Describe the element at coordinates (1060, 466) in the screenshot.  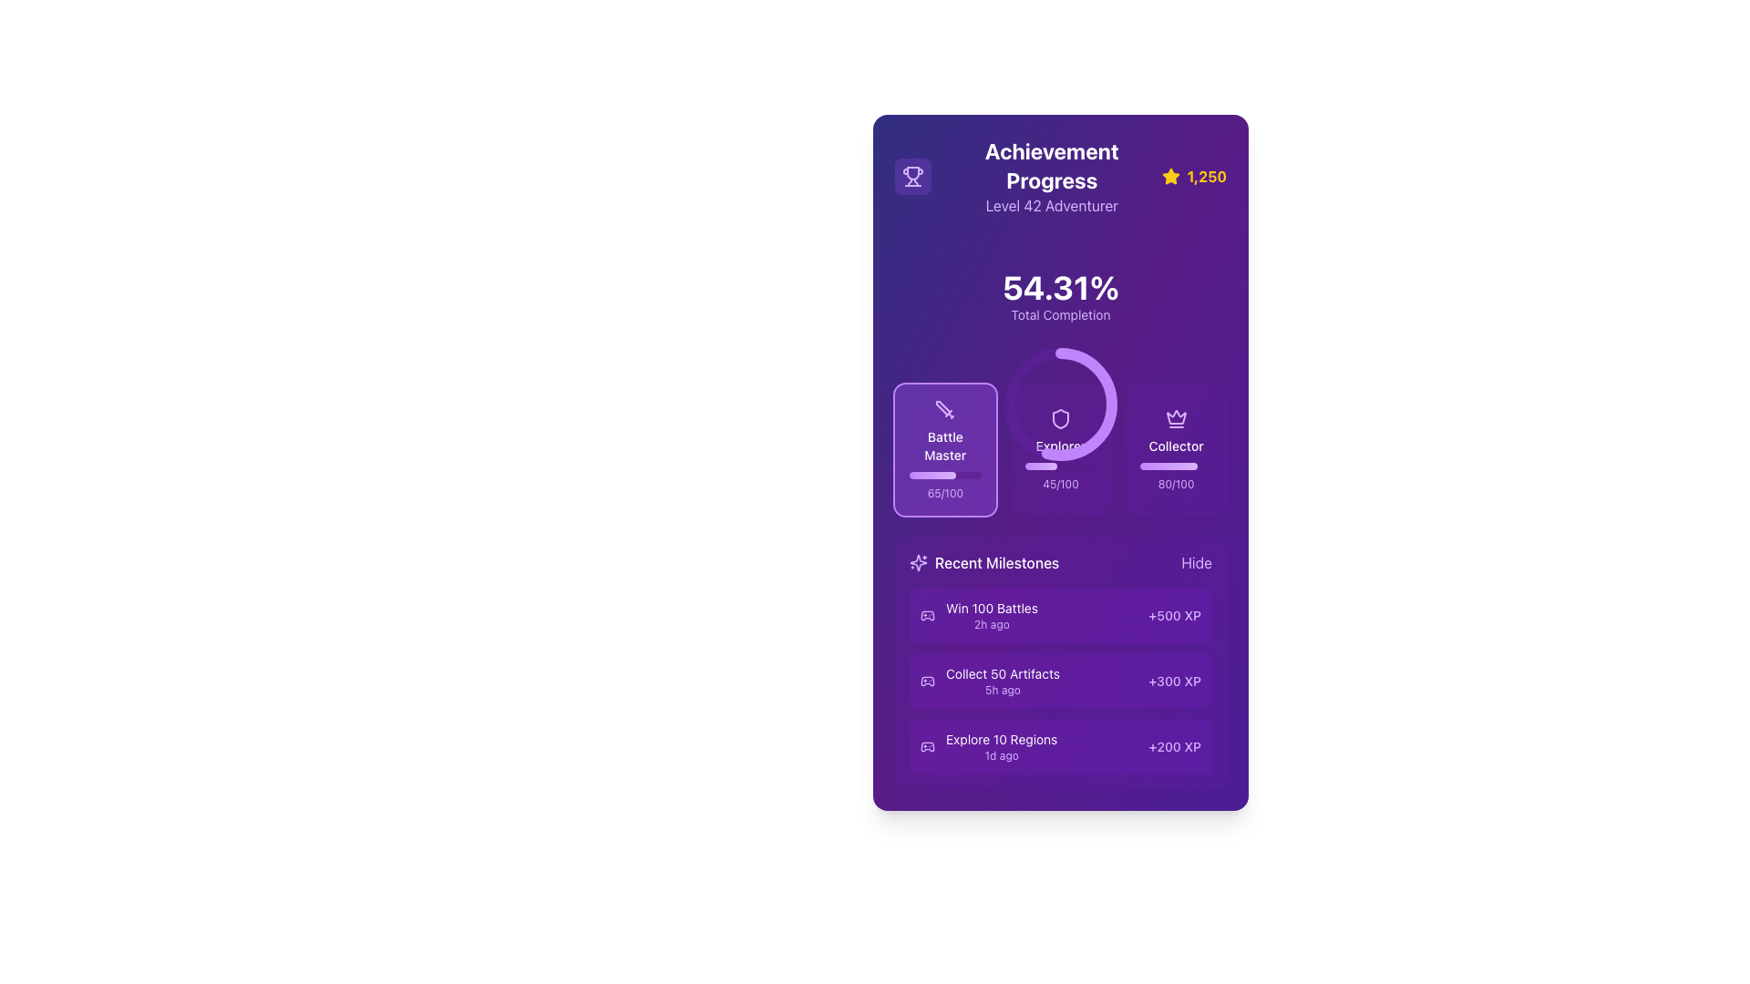
I see `the progress bar indicating 45% completion for the 'Explorer' metric located in the Achievement Progress section, positioned between the shield icon and the '45/100' text` at that location.